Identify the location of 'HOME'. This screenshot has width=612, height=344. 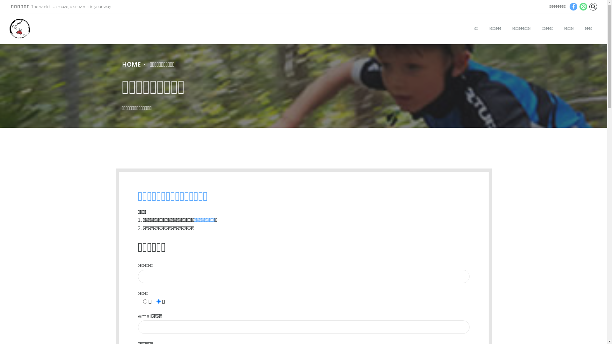
(131, 64).